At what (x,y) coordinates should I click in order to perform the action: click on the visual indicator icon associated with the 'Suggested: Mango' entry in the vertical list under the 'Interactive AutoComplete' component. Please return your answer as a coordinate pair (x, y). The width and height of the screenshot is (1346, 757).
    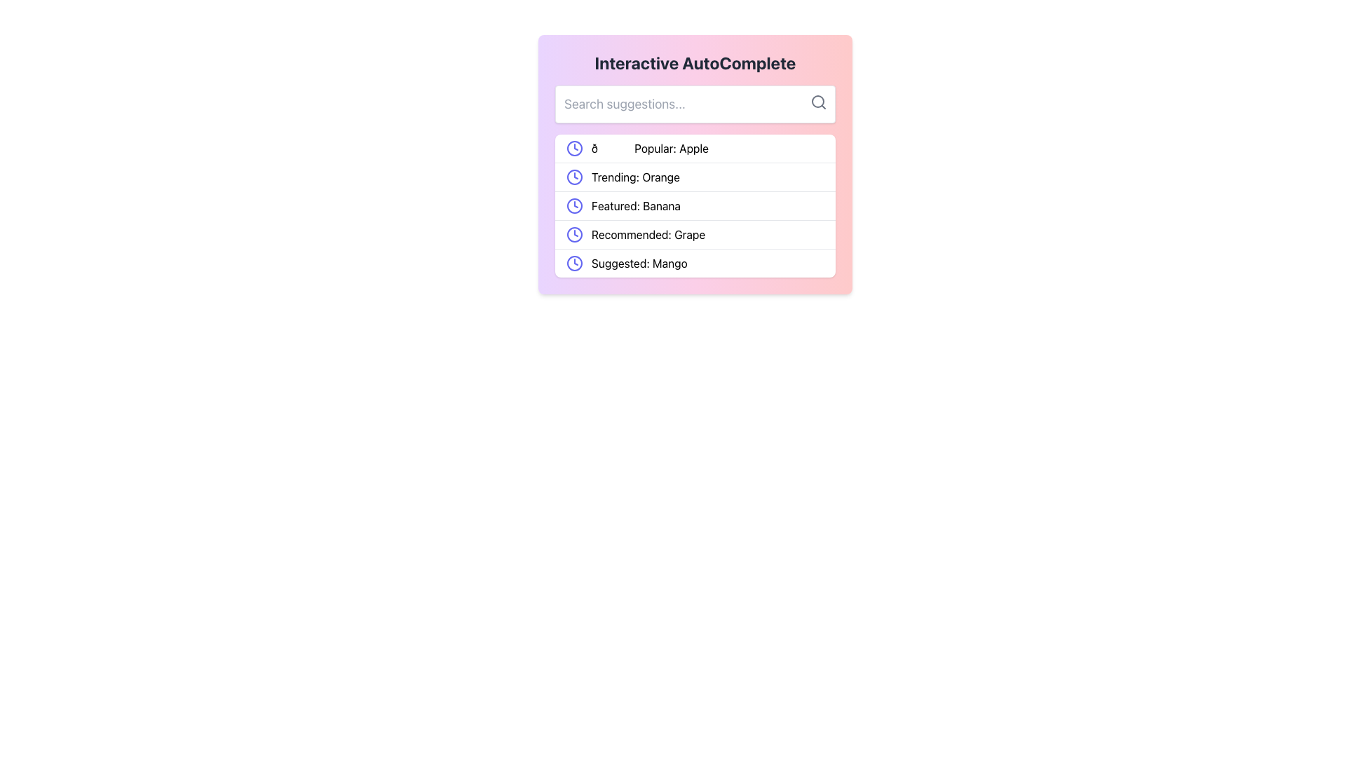
    Looking at the image, I should click on (575, 263).